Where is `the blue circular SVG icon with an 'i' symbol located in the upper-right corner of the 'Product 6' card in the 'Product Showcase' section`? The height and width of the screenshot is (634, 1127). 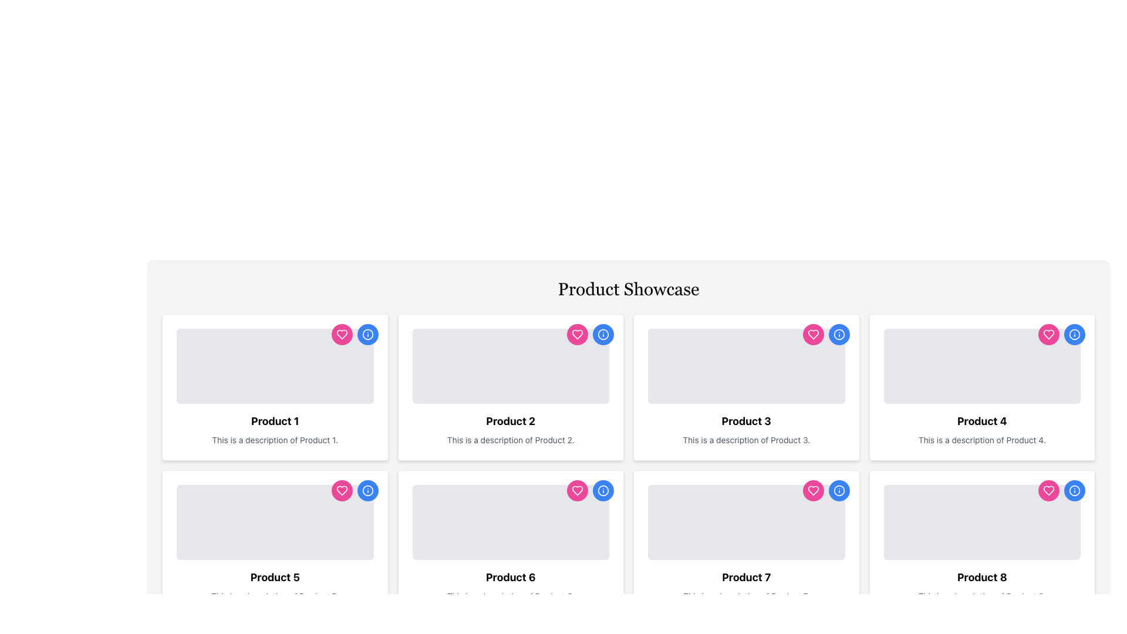 the blue circular SVG icon with an 'i' symbol located in the upper-right corner of the 'Product 6' card in the 'Product Showcase' section is located at coordinates (603, 491).